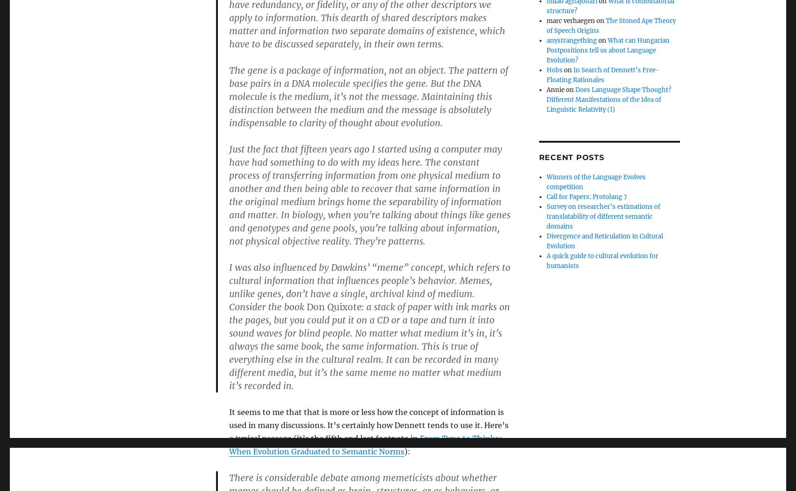 This screenshot has width=796, height=491. Describe the element at coordinates (555, 90) in the screenshot. I see `'Annie'` at that location.